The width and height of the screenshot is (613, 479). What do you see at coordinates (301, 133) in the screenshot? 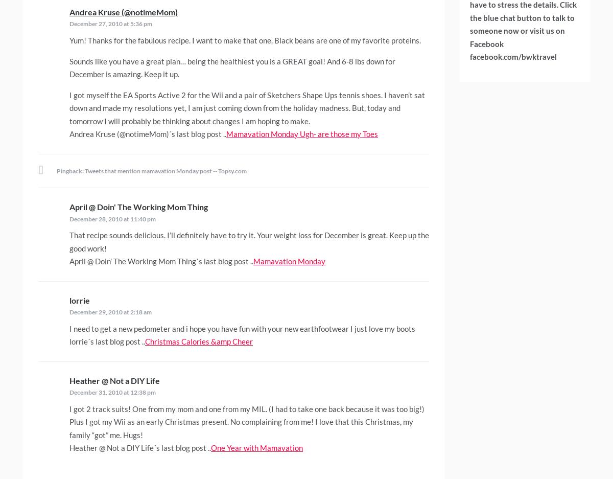
I see `'Mamavation Monday Ugh- are those my Toes'` at bounding box center [301, 133].